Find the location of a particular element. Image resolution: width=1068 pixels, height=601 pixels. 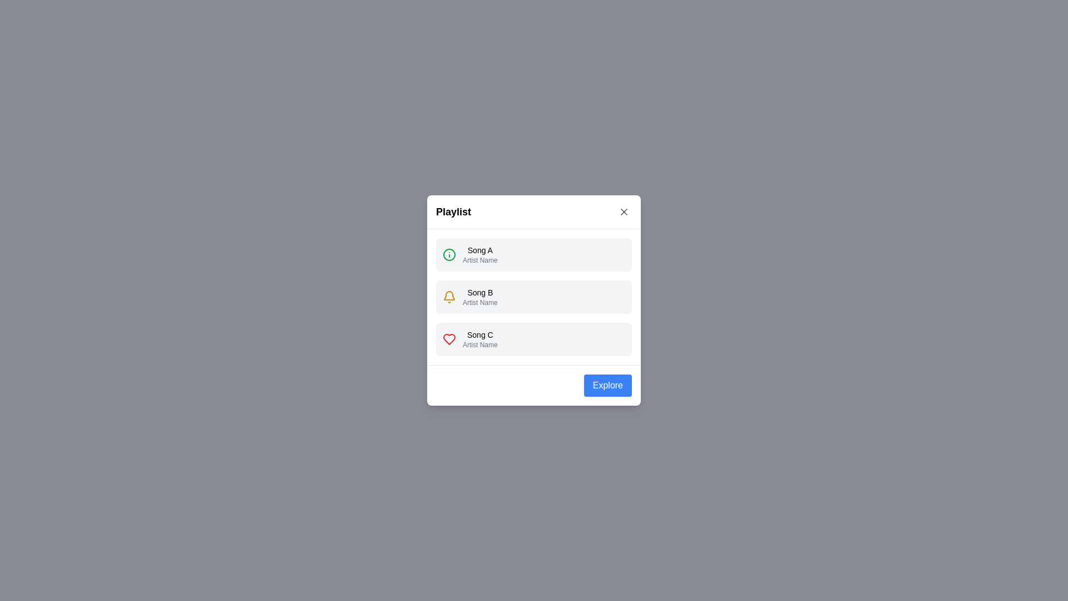

the list item for 'Song B' which is the second entry in the playlist, positioned between 'Song A' and 'Song C' is located at coordinates (534, 296).